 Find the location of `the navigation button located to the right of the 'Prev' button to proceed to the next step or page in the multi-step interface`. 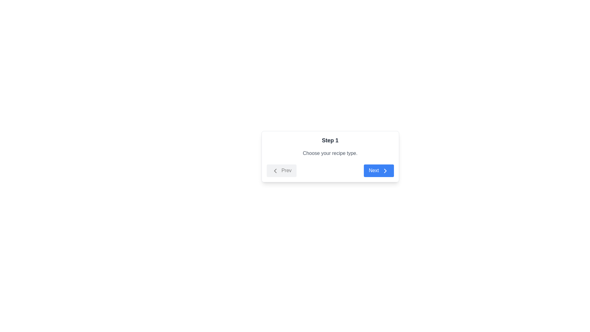

the navigation button located to the right of the 'Prev' button to proceed to the next step or page in the multi-step interface is located at coordinates (378, 171).